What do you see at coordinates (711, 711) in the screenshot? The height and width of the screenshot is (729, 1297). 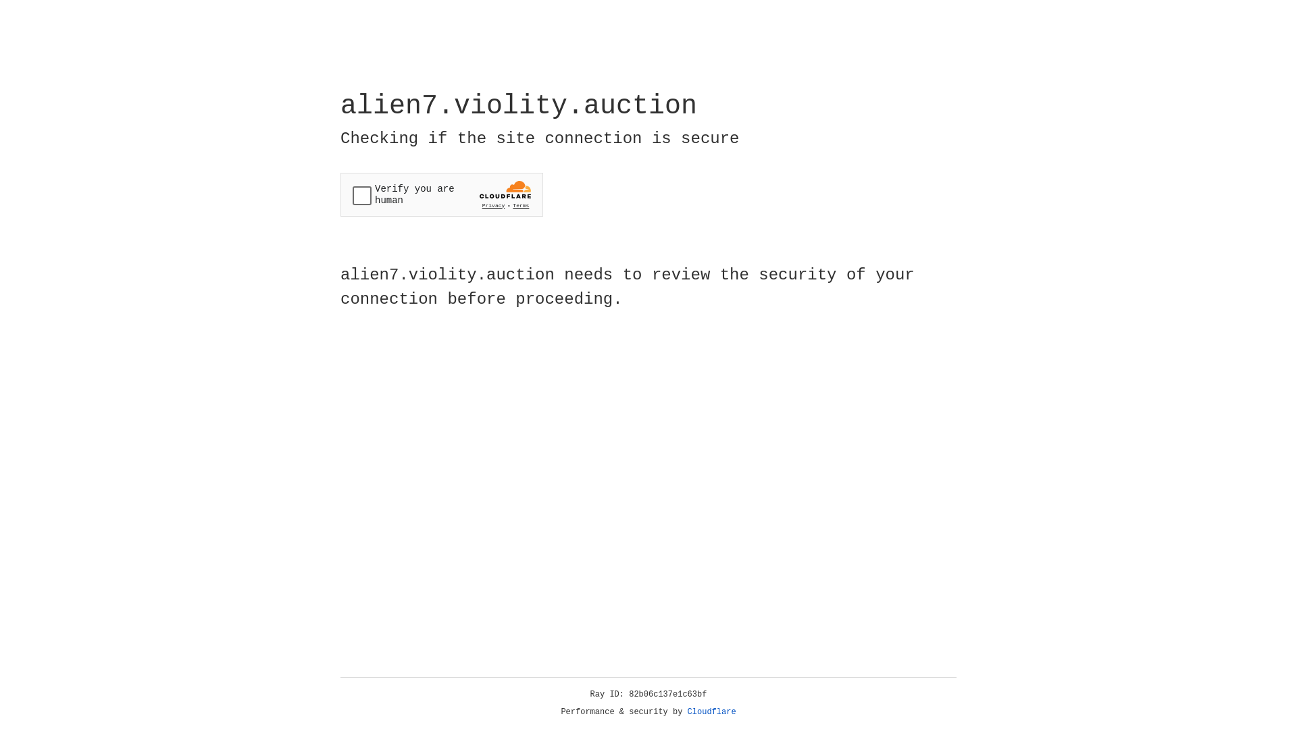 I see `'Cloudflare'` at bounding box center [711, 711].